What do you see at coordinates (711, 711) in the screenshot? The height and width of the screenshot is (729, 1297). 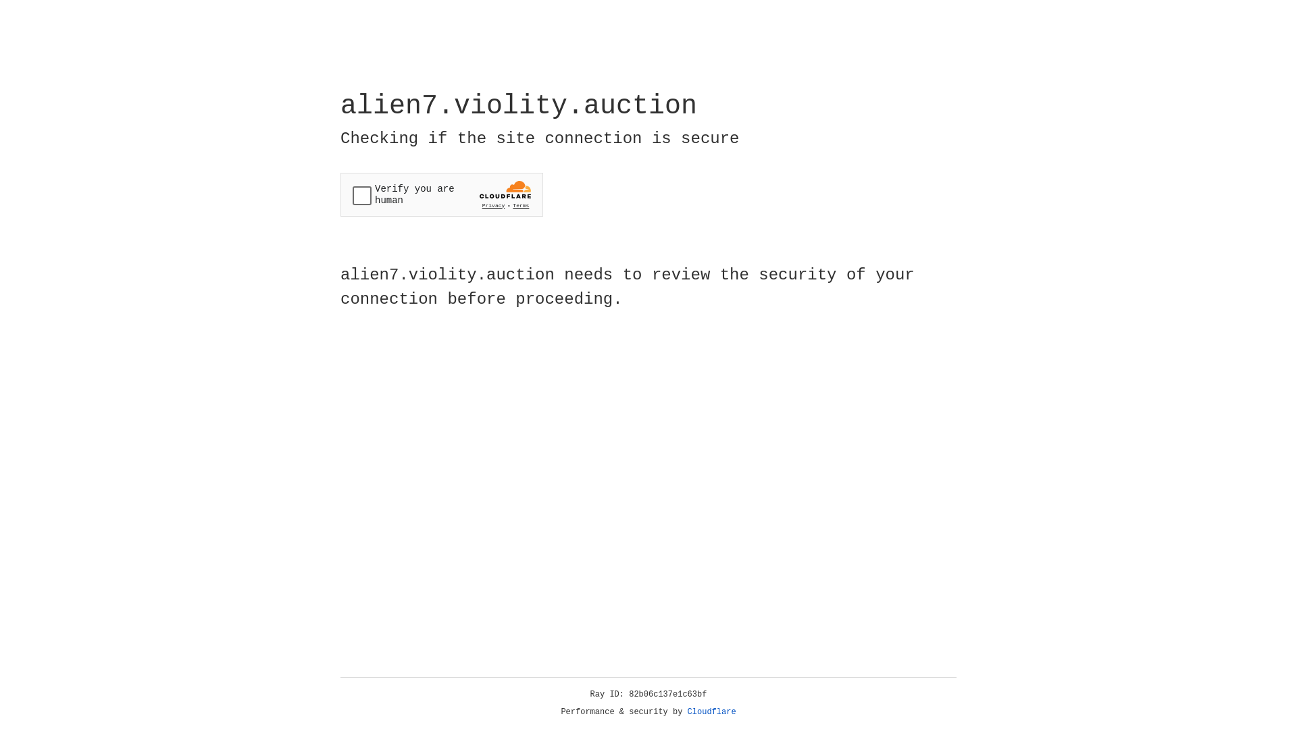 I see `'Cloudflare'` at bounding box center [711, 711].